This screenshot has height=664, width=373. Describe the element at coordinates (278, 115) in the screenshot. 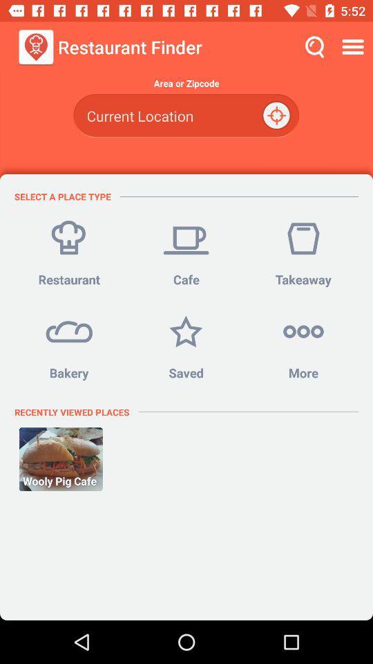

I see `the item below area or zipcode` at that location.